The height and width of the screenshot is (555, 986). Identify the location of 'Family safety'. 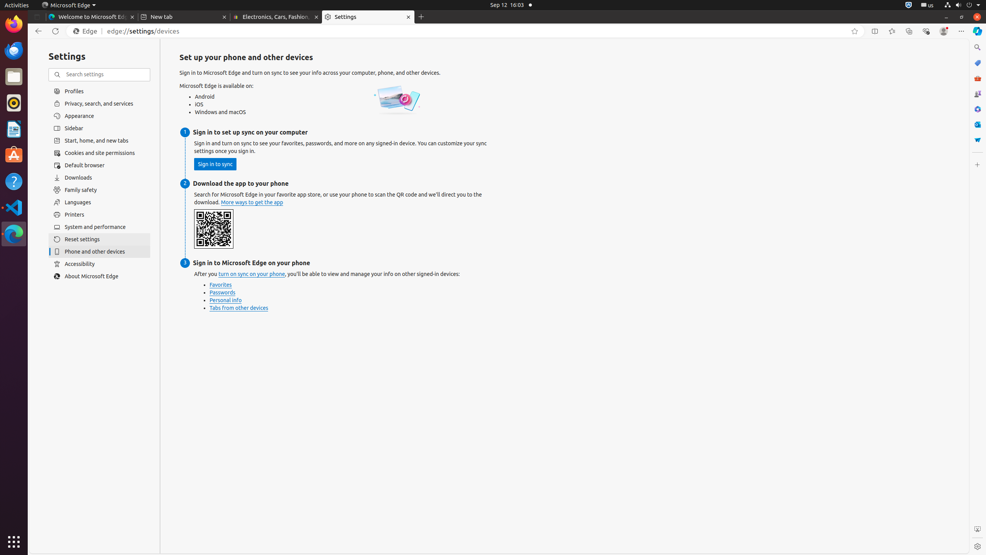
(99, 190).